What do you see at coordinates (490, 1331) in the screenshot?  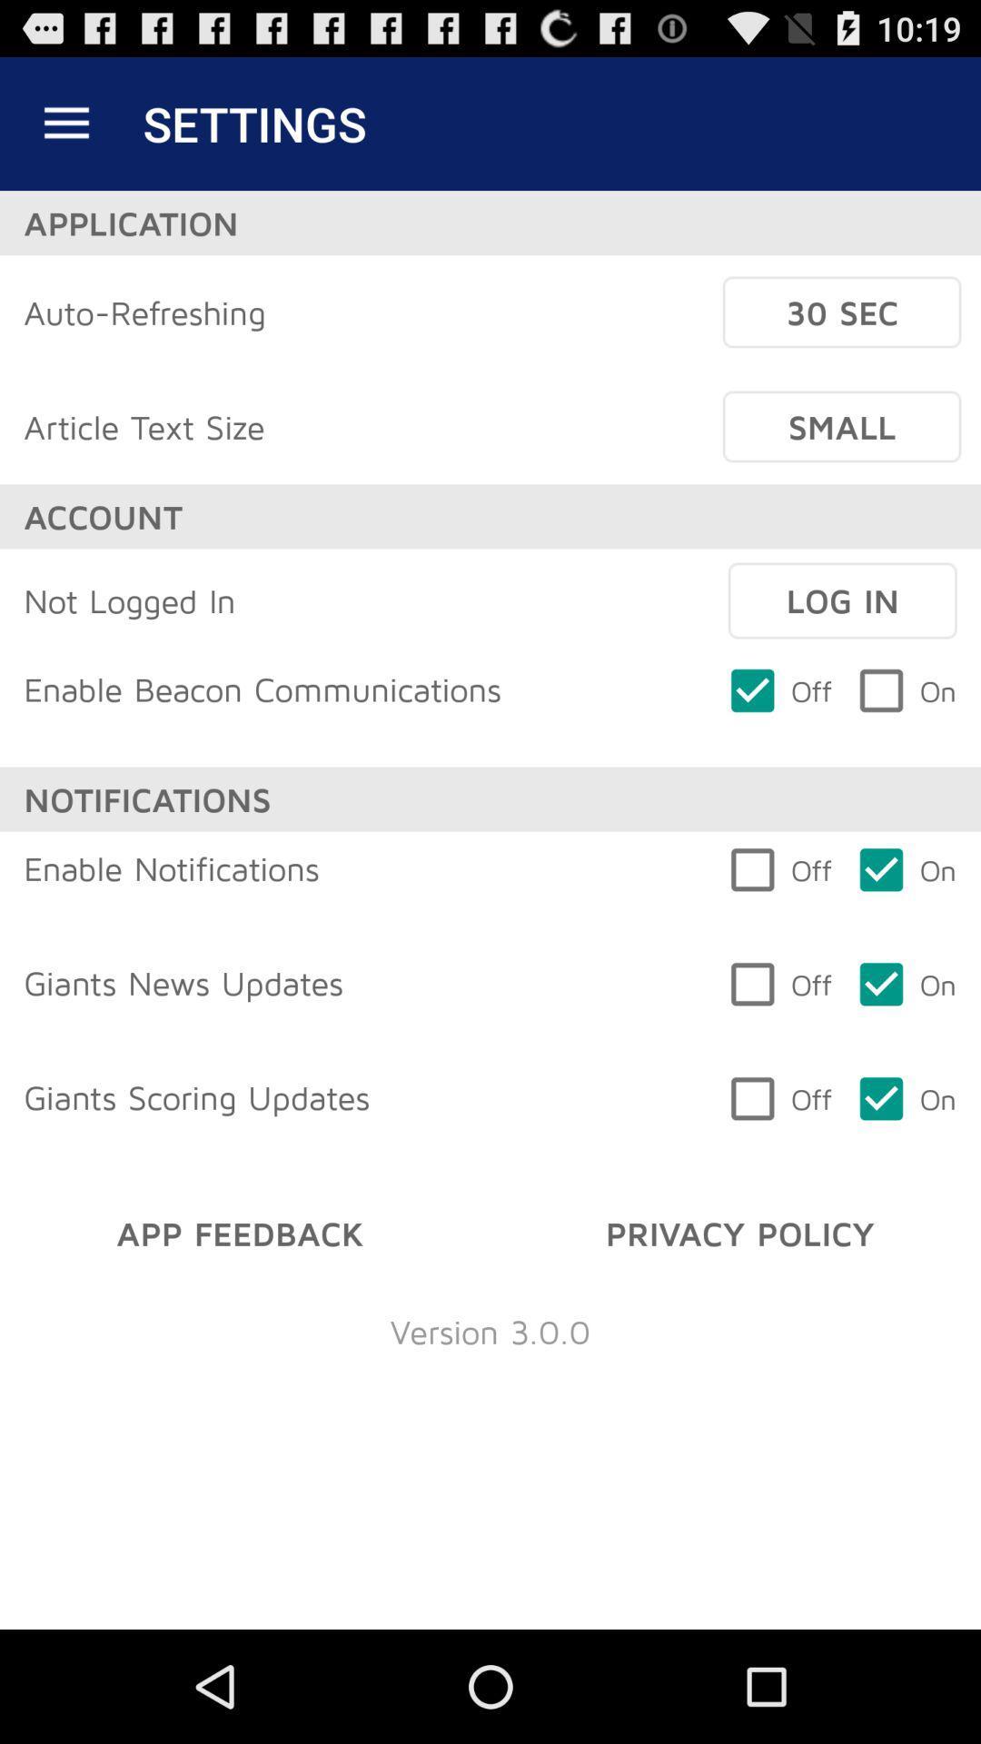 I see `the item below app feedback icon` at bounding box center [490, 1331].